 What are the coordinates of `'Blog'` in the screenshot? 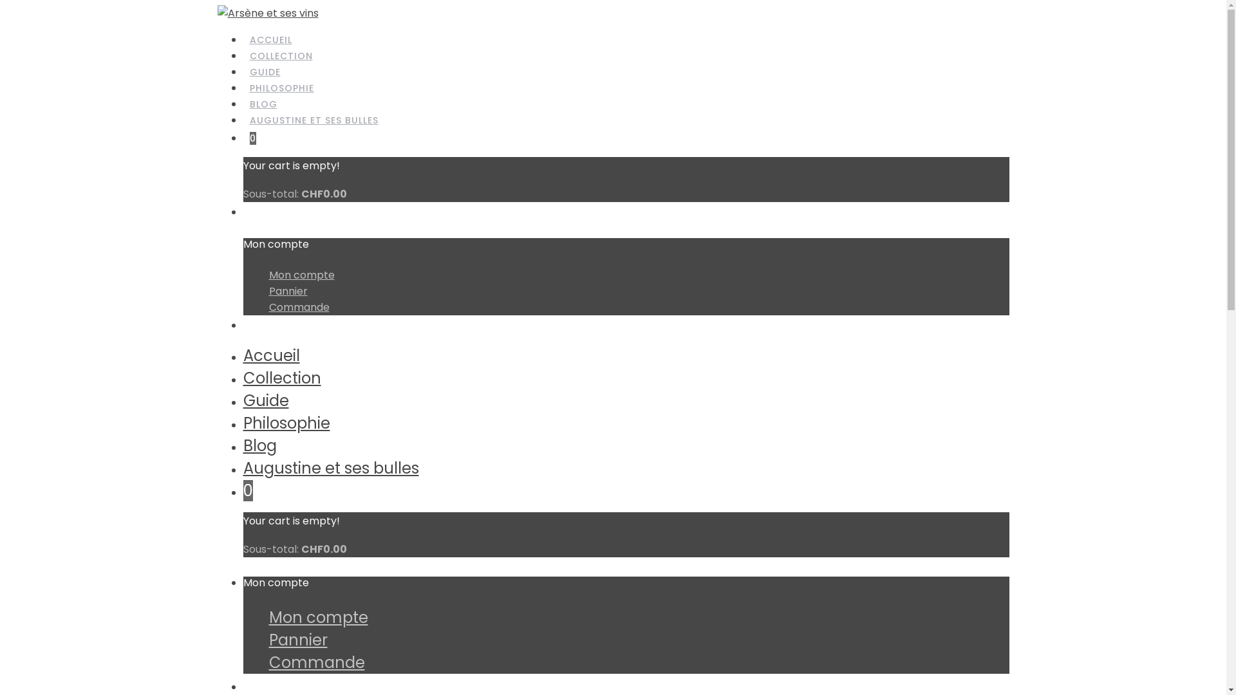 It's located at (259, 445).